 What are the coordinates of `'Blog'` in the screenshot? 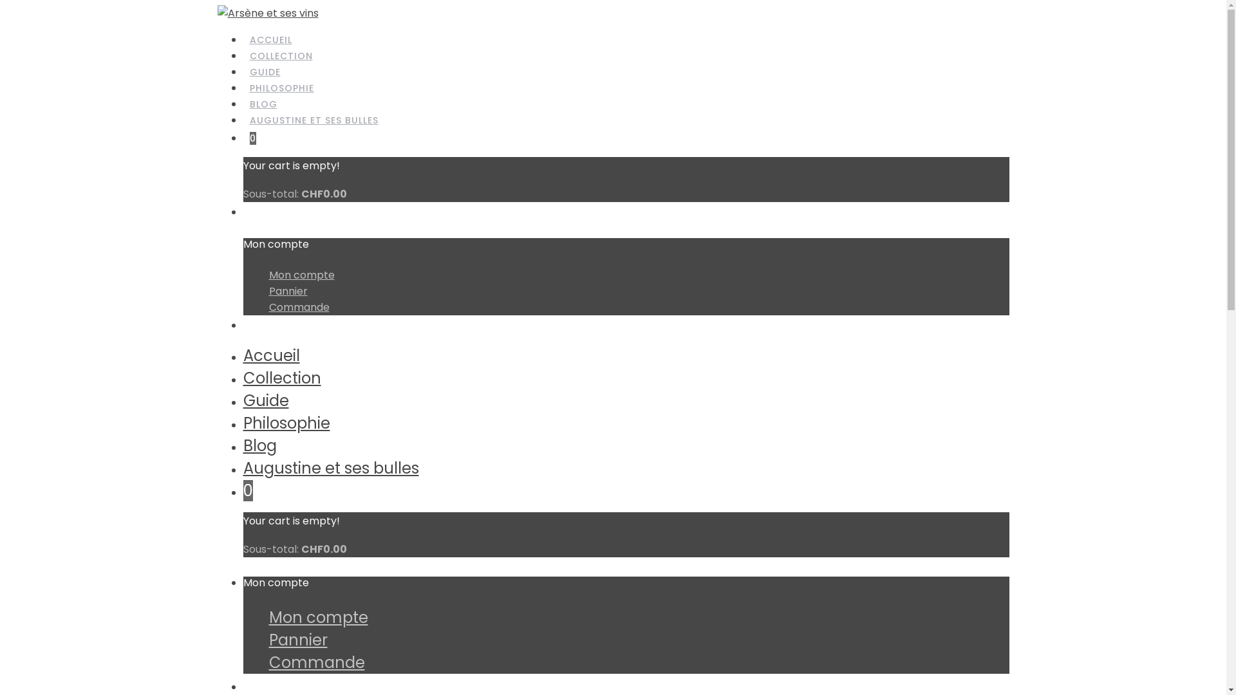 It's located at (259, 445).